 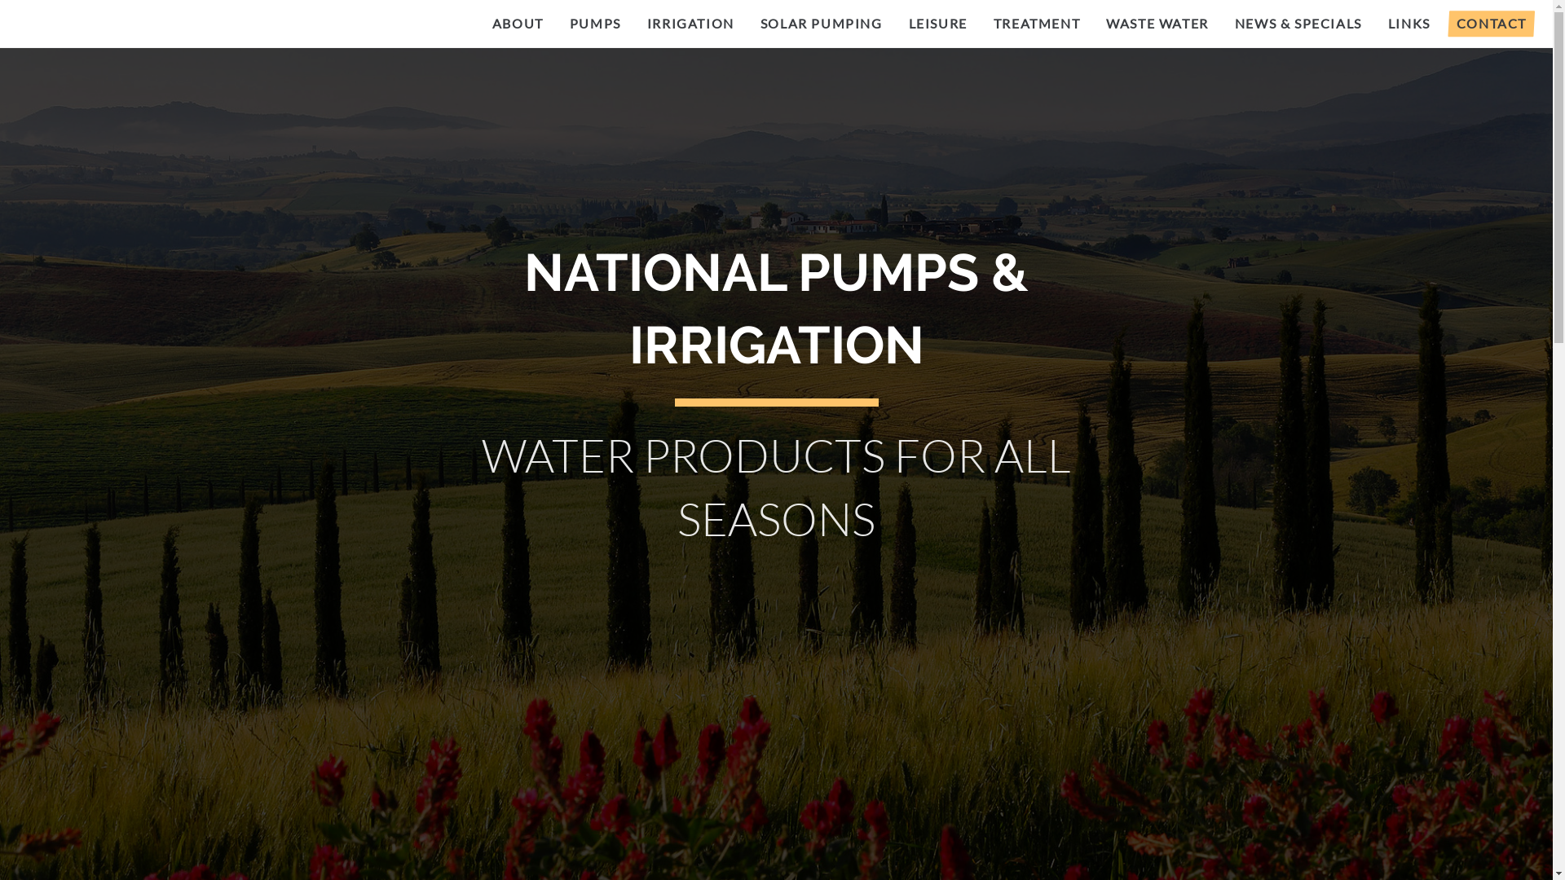 What do you see at coordinates (1491, 24) in the screenshot?
I see `'CONTACT'` at bounding box center [1491, 24].